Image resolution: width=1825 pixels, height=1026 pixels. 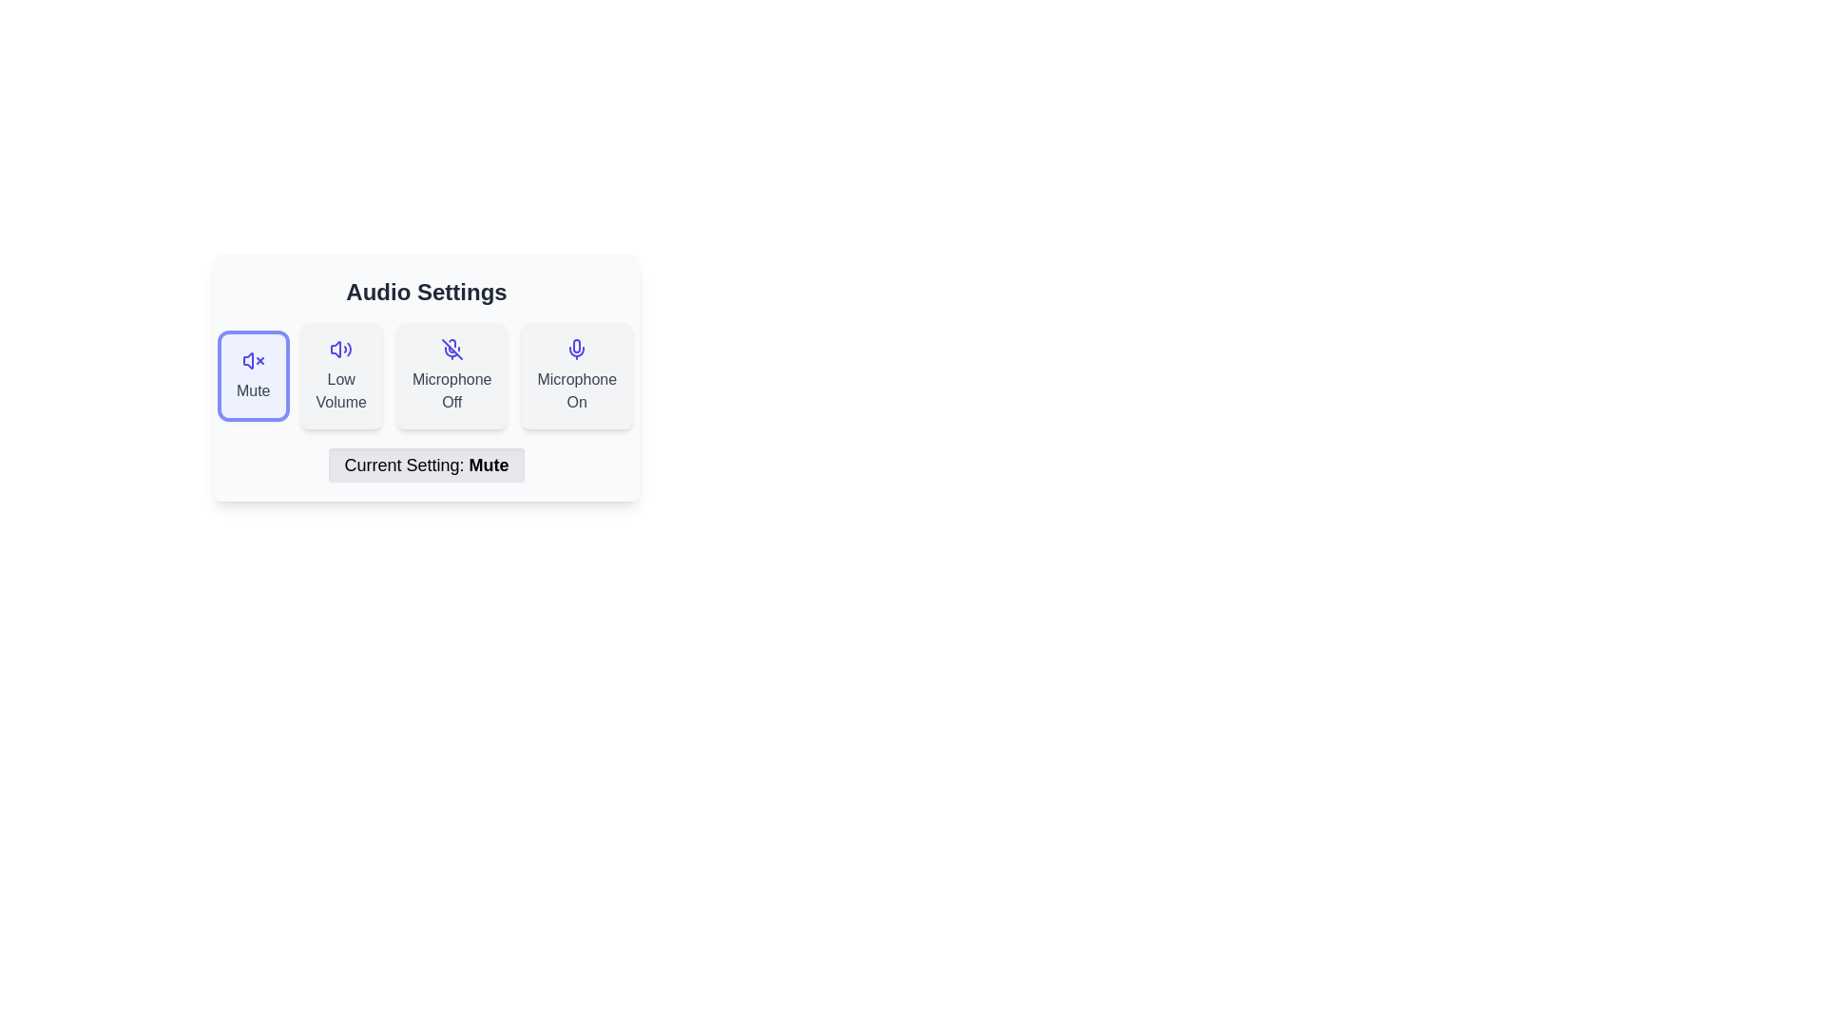 I want to click on the muted microphone icon within the 'Microphone Off' button in the audio settings interface, so click(x=450, y=351).